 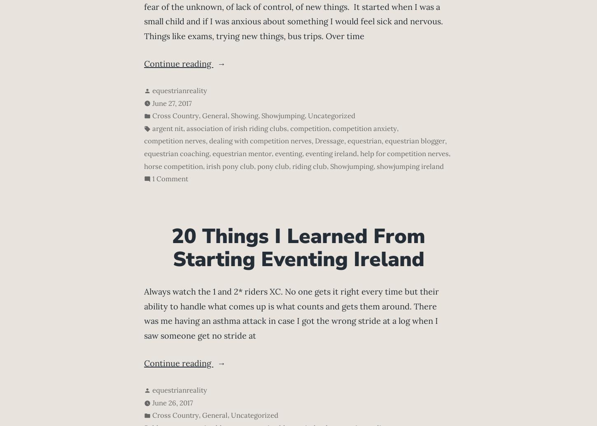 I want to click on 'riding club', so click(x=292, y=165).